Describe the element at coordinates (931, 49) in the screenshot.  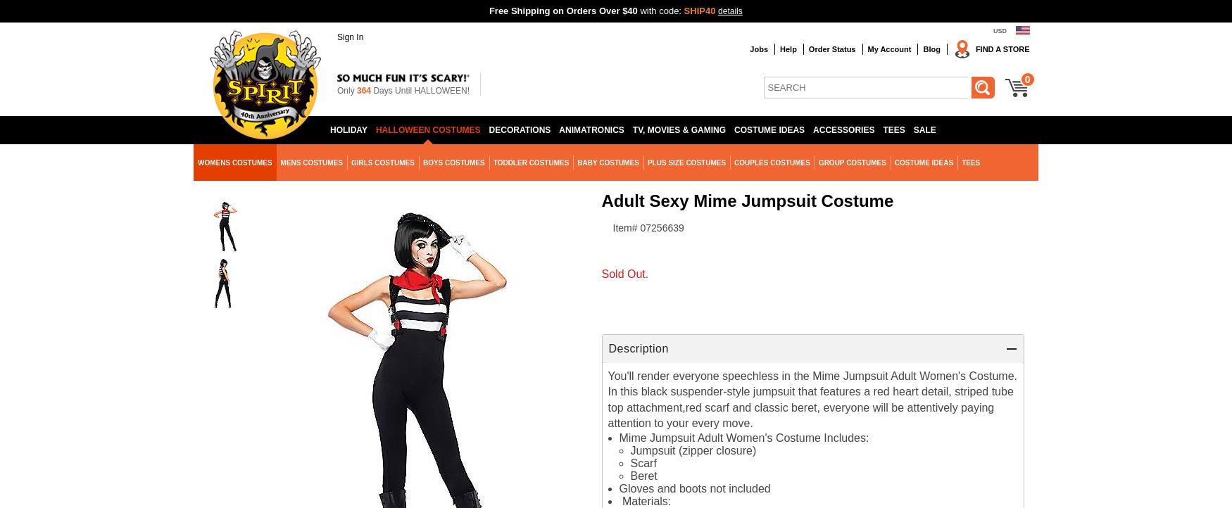
I see `'Blog'` at that location.